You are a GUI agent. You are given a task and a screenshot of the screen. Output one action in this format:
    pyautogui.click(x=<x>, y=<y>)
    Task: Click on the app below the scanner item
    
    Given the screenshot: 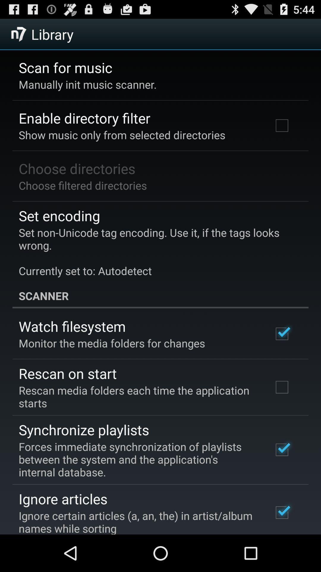 What is the action you would take?
    pyautogui.click(x=72, y=326)
    